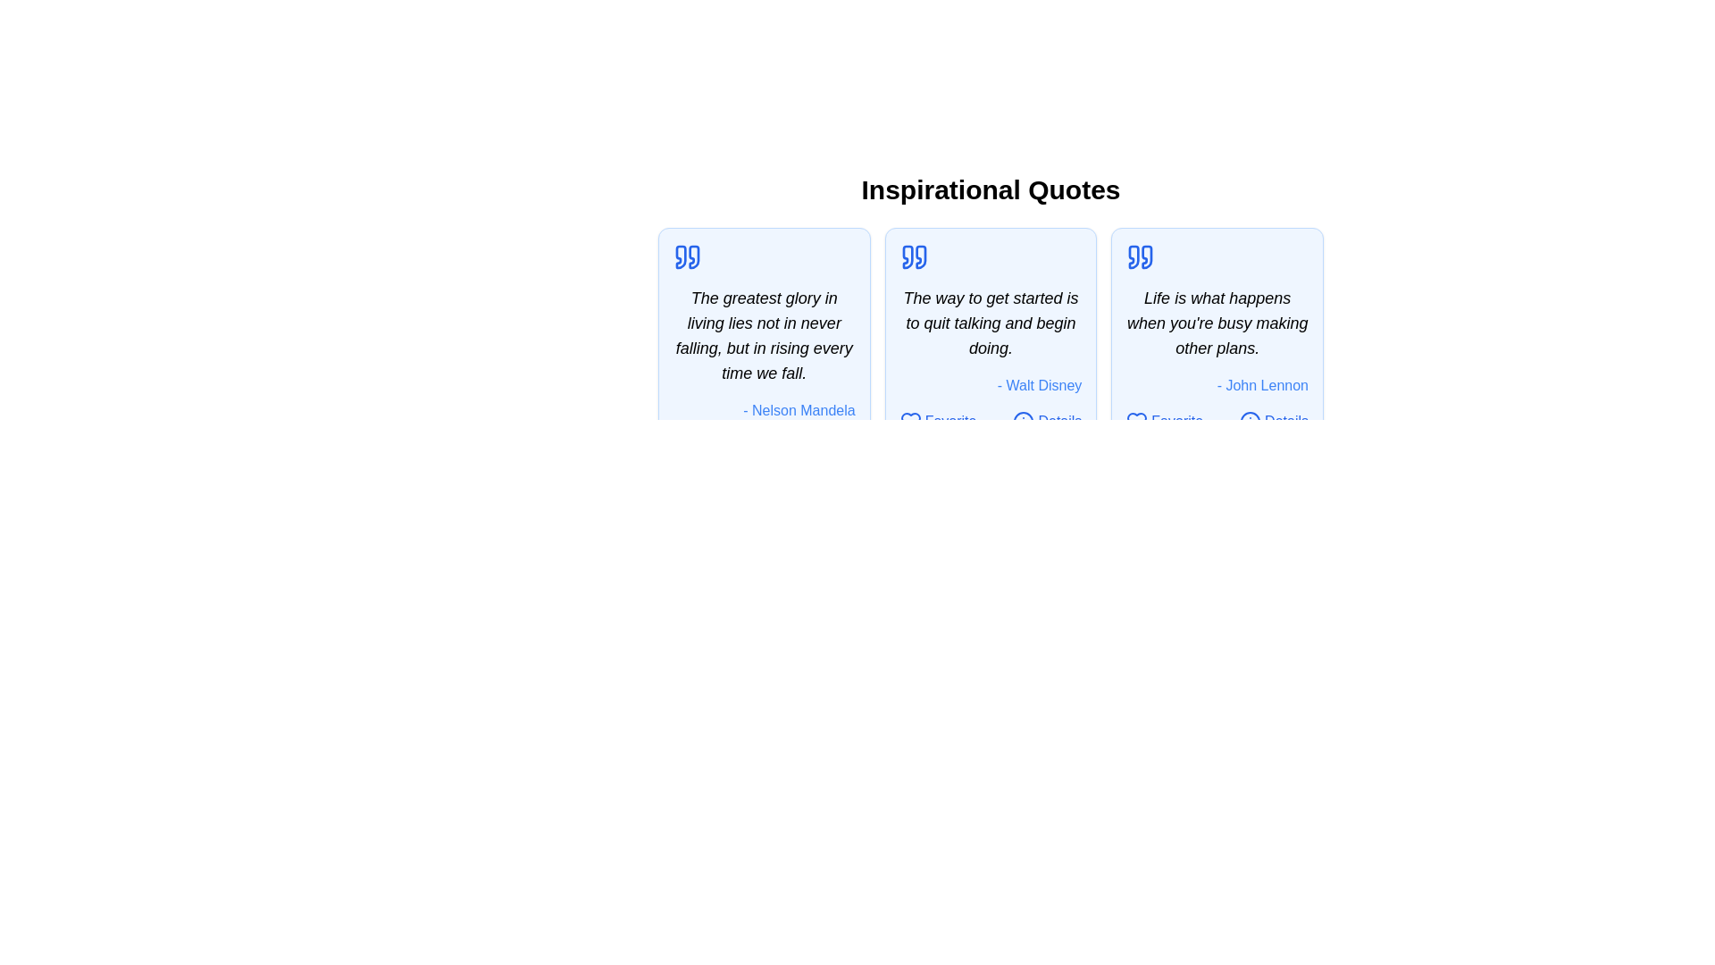  Describe the element at coordinates (764, 335) in the screenshot. I see `the text block that reads 'The greatest glory in living lies not in never falling, but in rising every time we fall.' positioned inside the leftmost card of the 'Inspirational Quotes' section` at that location.